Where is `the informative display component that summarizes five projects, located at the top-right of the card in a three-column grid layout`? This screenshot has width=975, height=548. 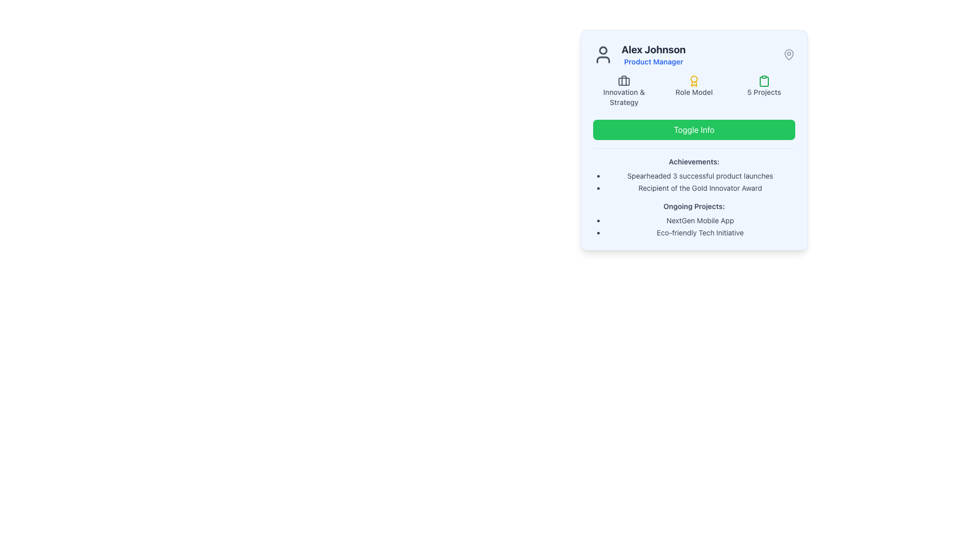 the informative display component that summarizes five projects, located at the top-right of the card in a three-column grid layout is located at coordinates (764, 91).